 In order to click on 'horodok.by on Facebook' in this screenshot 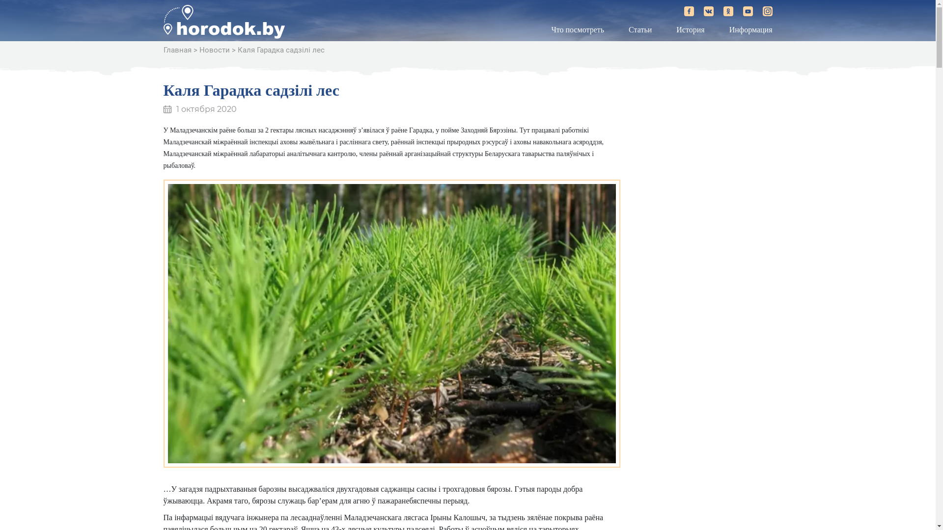, I will do `click(688, 11)`.